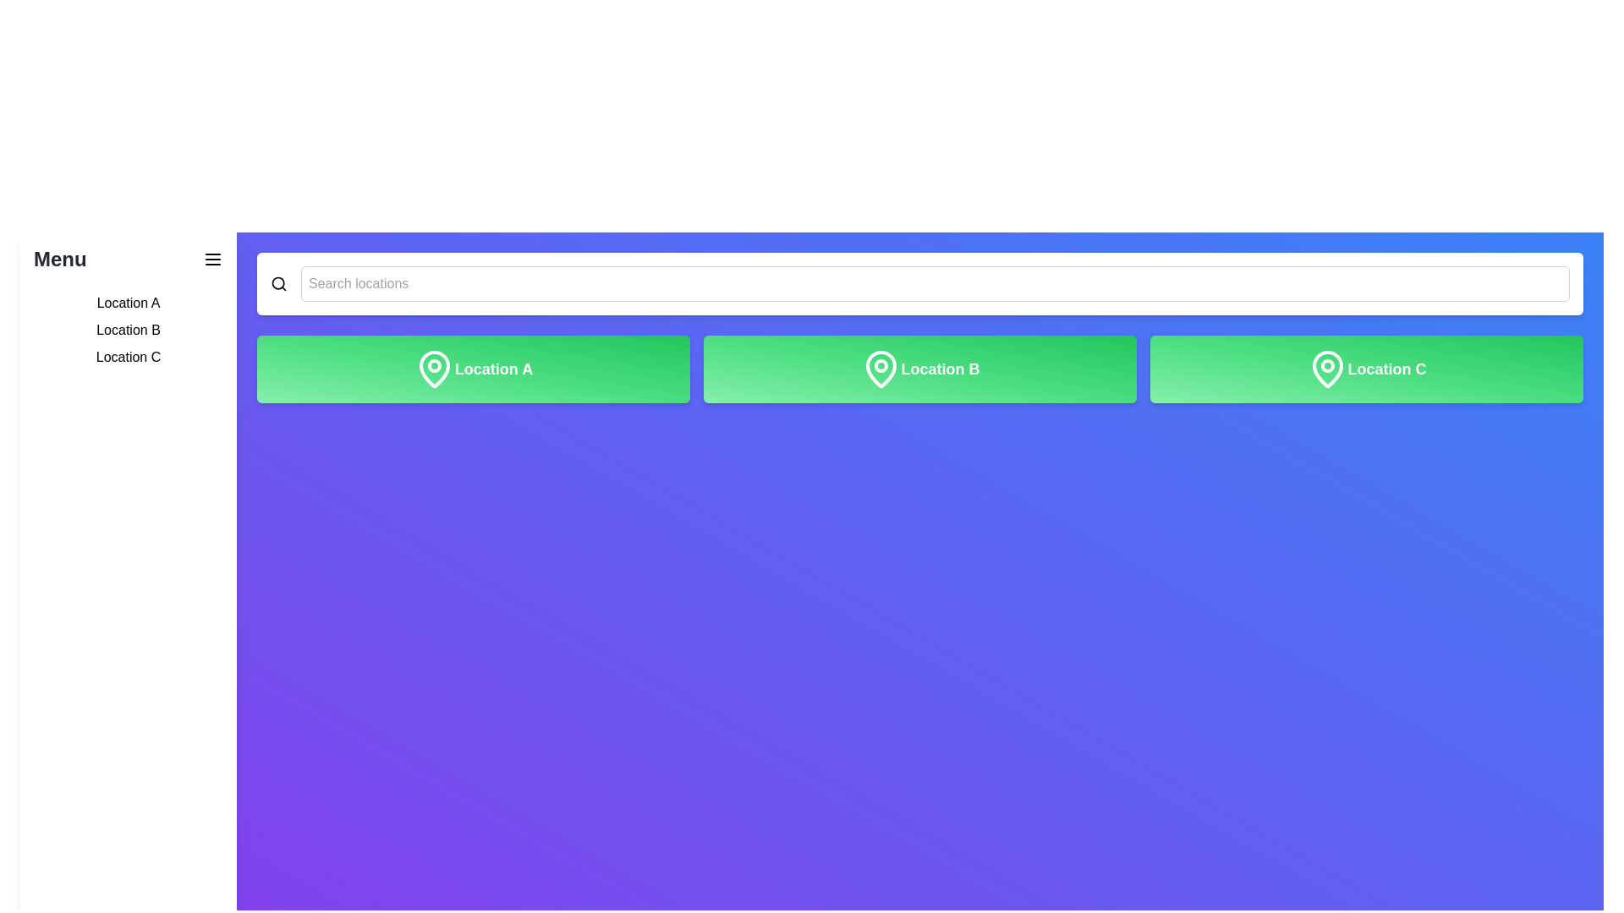  Describe the element at coordinates (1367, 368) in the screenshot. I see `the 'Location C' button, which is the far-right button in a sequence of three buttons labeled 'Location A', 'Location B', and 'Location C'` at that location.